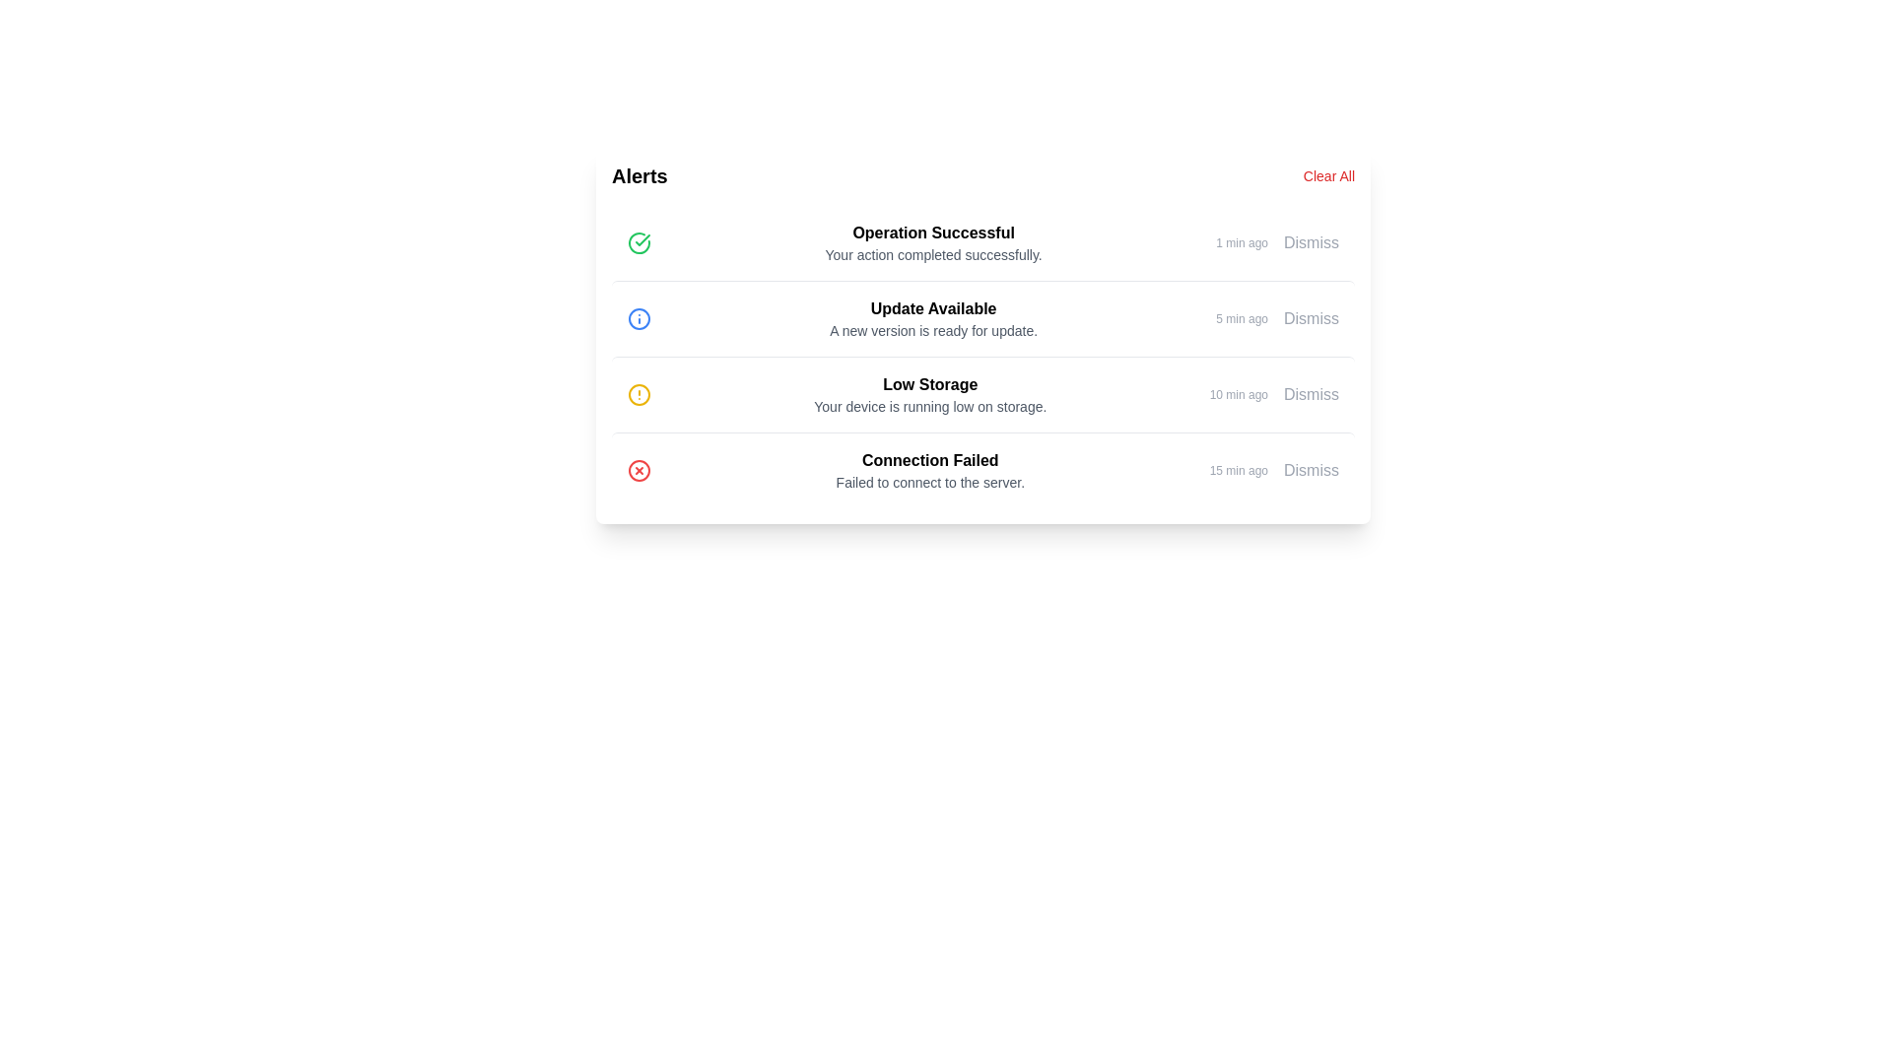 Image resolution: width=1892 pixels, height=1064 pixels. What do you see at coordinates (1241, 318) in the screenshot?
I see `the small gray text reading '5 min ago' in the notification row titled 'Update Available', which is positioned before the 'Dismiss' button` at bounding box center [1241, 318].